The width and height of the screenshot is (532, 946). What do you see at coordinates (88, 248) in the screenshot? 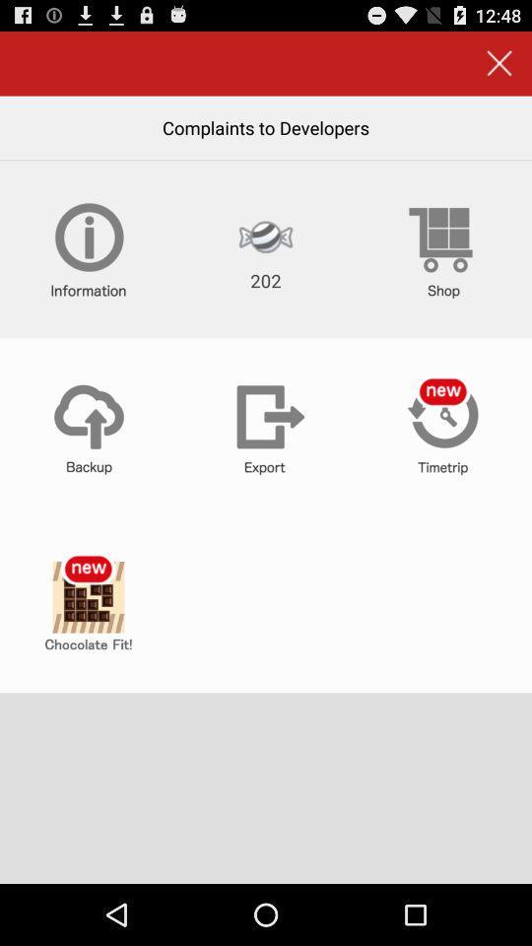
I see `open information` at bounding box center [88, 248].